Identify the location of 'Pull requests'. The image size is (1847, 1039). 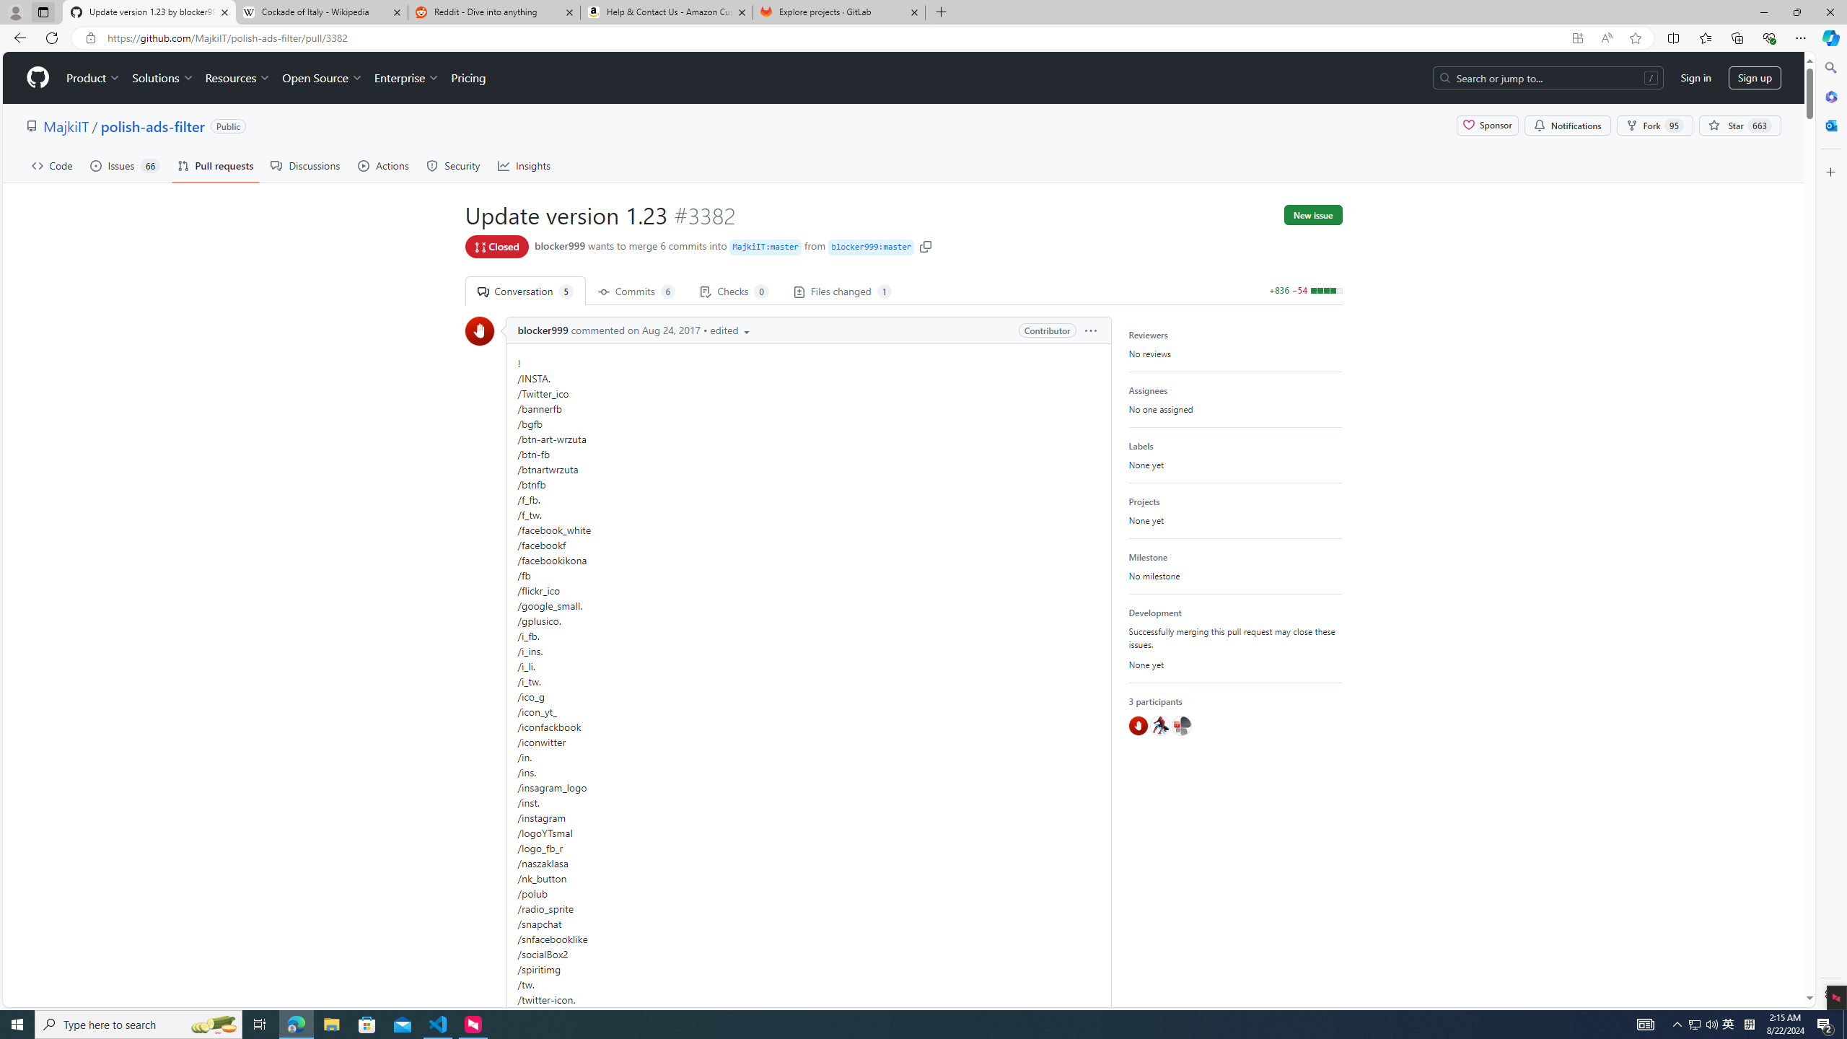
(215, 165).